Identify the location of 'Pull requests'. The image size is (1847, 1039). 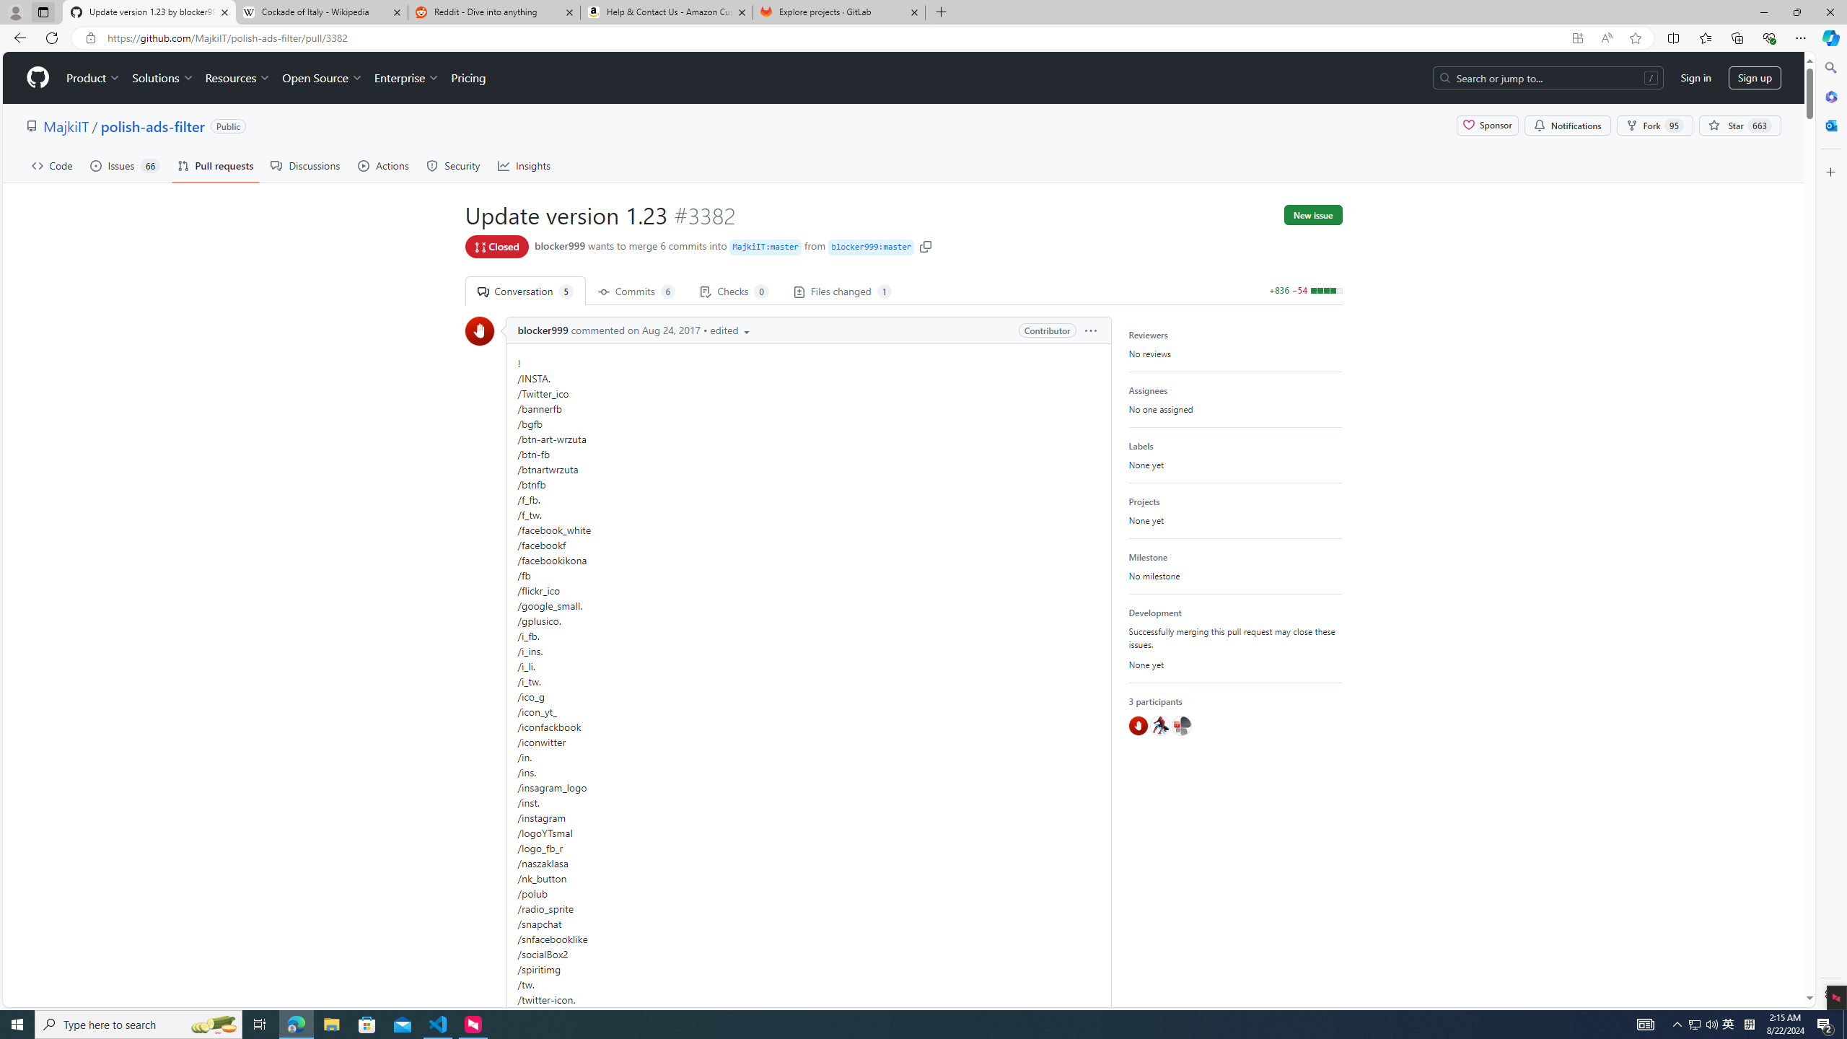
(215, 165).